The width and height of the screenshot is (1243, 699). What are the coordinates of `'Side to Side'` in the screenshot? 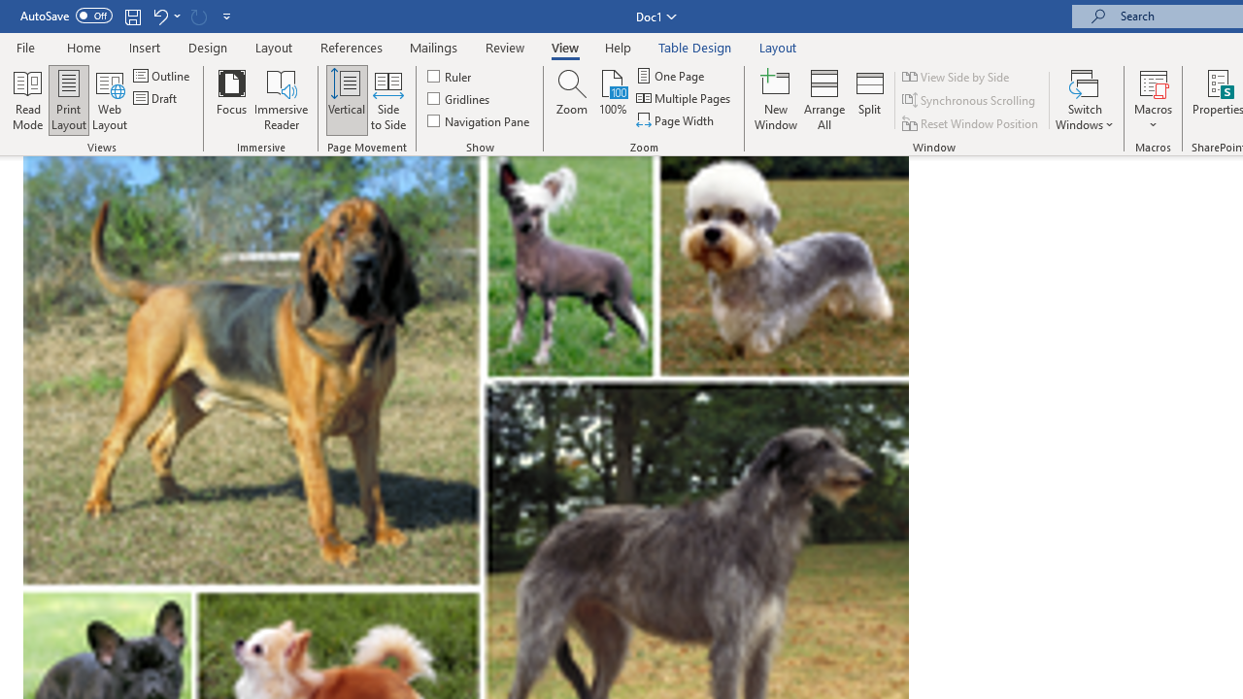 It's located at (388, 100).